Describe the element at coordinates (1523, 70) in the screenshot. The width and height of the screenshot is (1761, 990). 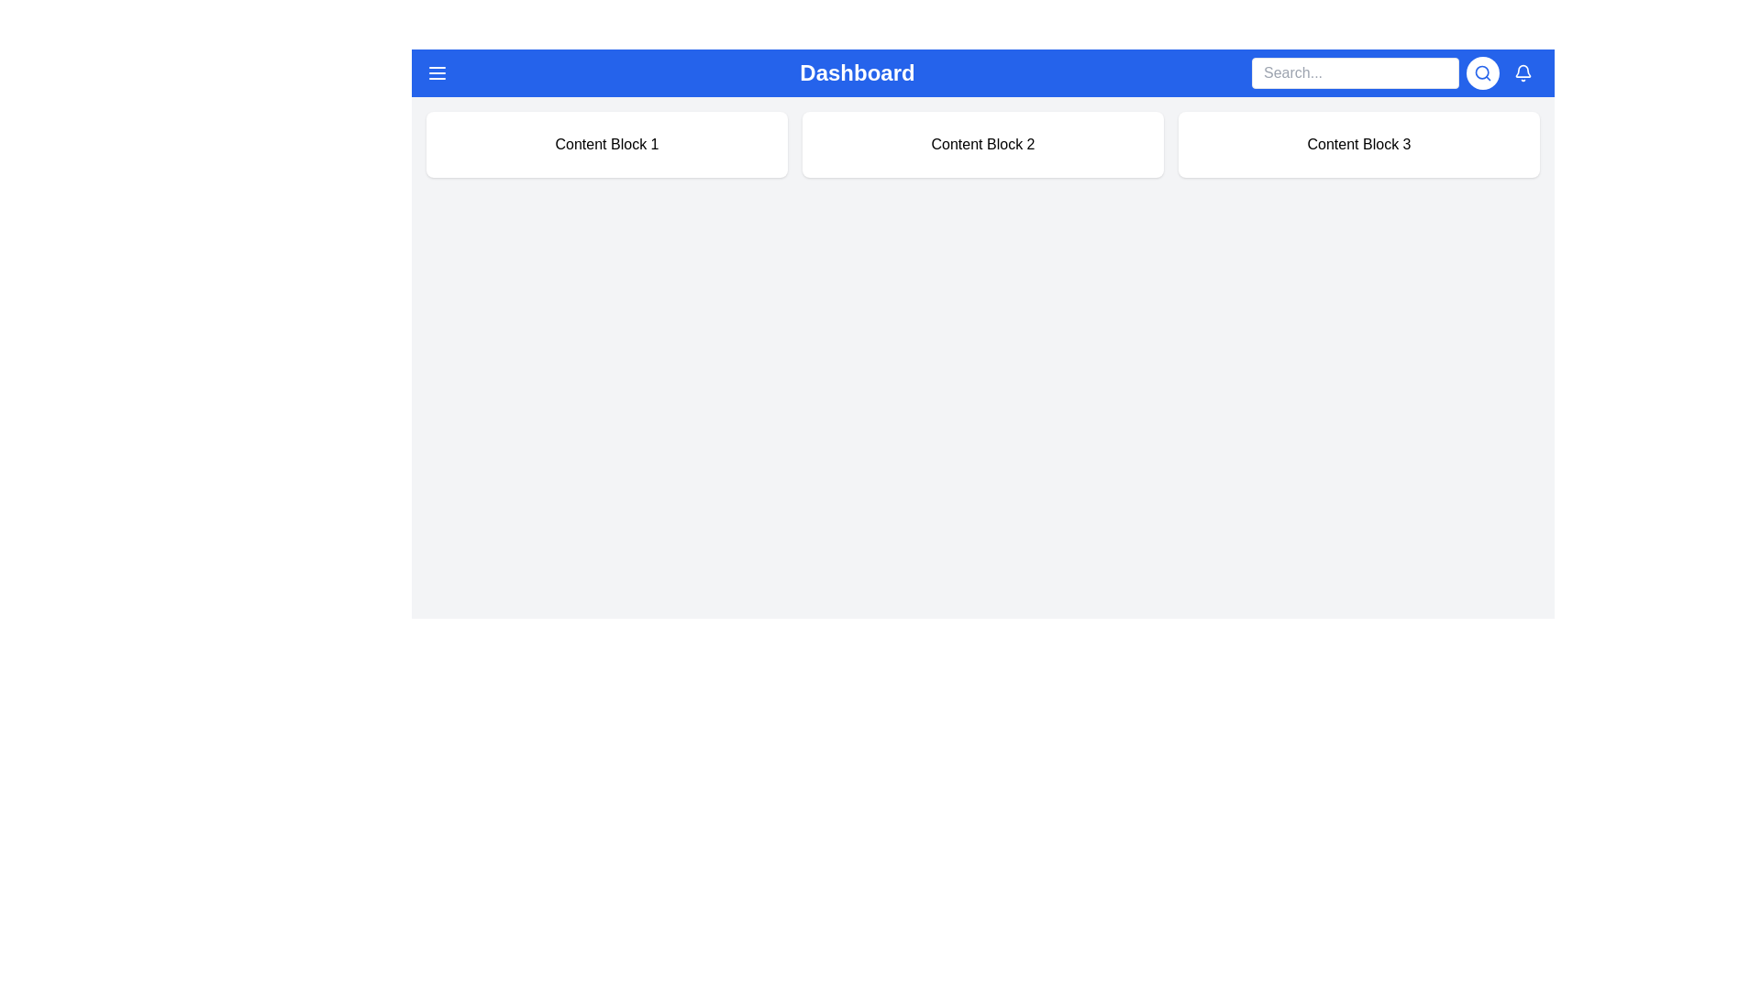
I see `the blue curved line of the bell-shaped icon located in the top right corner of the interface, which is part of a notification-related graphic` at that location.